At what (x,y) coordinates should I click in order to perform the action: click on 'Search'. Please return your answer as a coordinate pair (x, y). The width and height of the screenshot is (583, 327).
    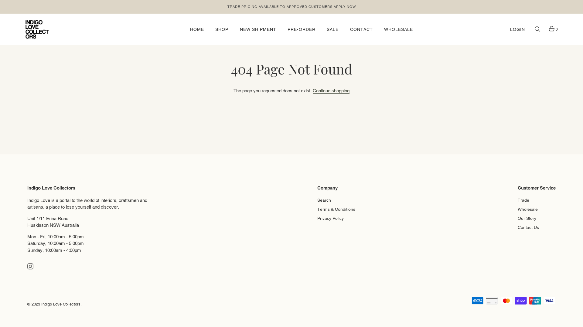
    Looking at the image, I should click on (324, 199).